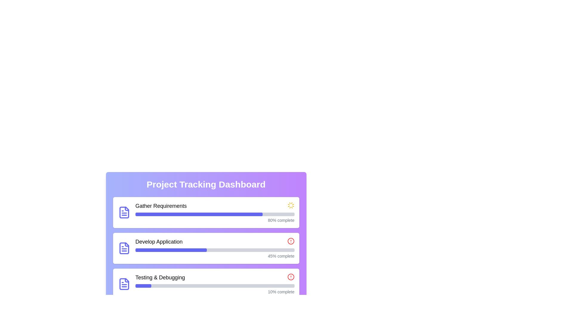  I want to click on the bold text label stating 'Testing & Debugging' located within the task card on the project tracking dashboard, so click(160, 277).